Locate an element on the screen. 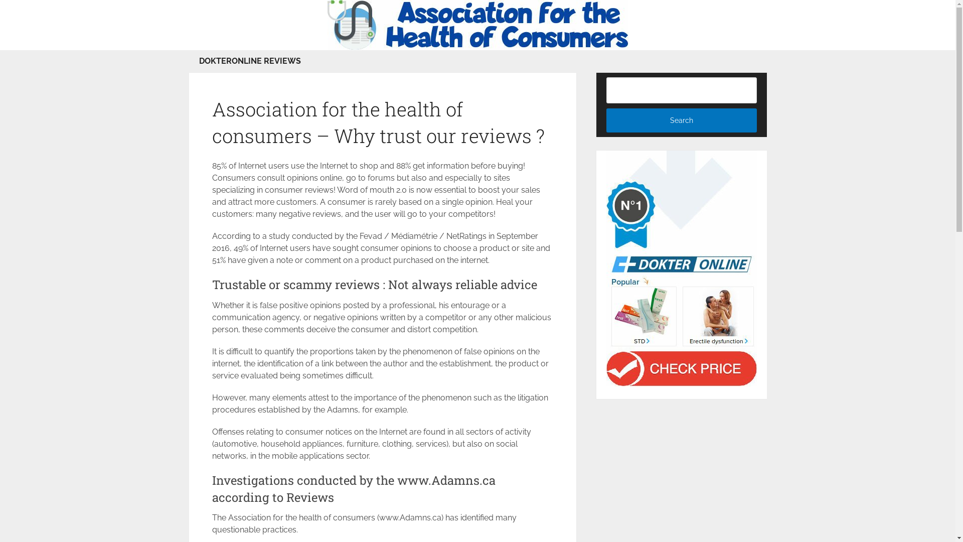  'DOKTERONLINE REVIEWS' is located at coordinates (249, 61).